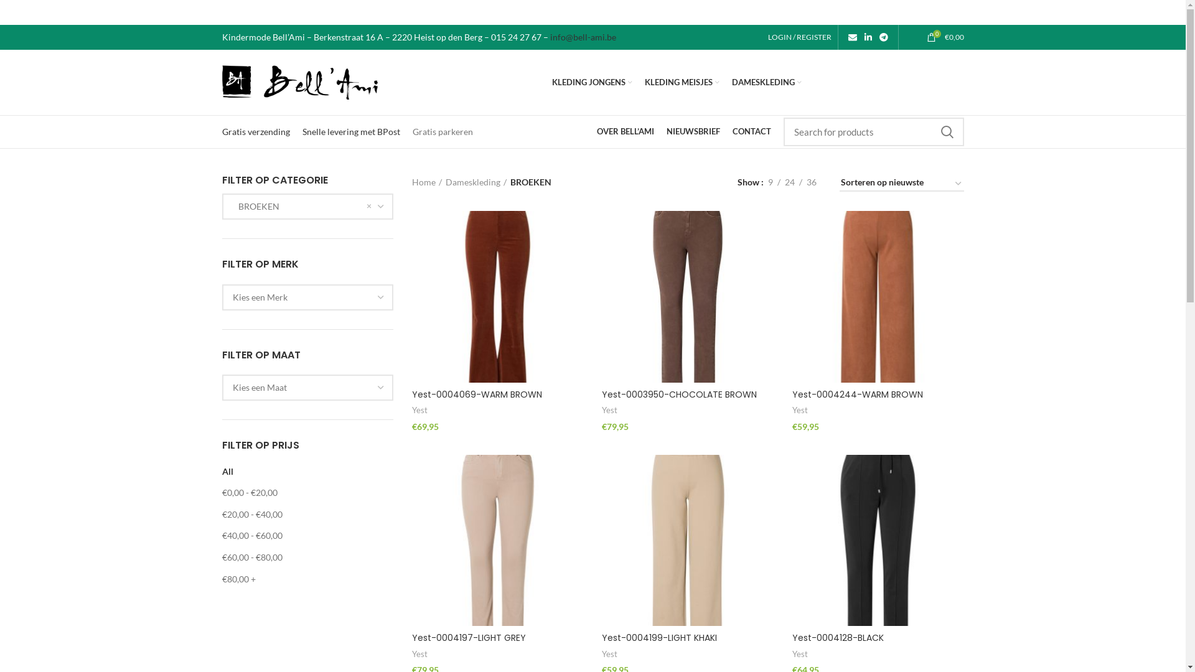  I want to click on 'Yest-0004128-BLACK', so click(838, 638).